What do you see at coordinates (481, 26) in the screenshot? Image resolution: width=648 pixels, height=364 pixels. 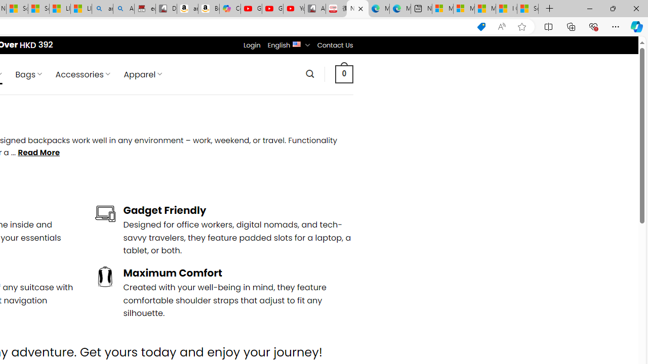 I see `'This site has coupons! Shopping in Microsoft Edge'` at bounding box center [481, 26].